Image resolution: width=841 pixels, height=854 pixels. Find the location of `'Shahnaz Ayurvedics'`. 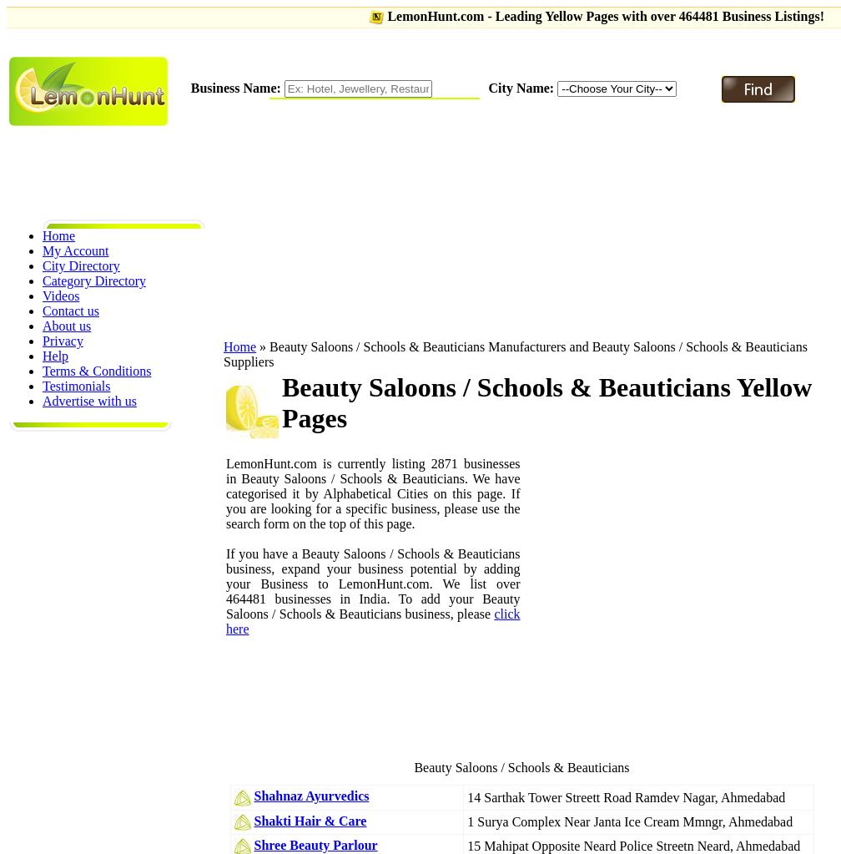

'Shahnaz Ayurvedics' is located at coordinates (254, 796).